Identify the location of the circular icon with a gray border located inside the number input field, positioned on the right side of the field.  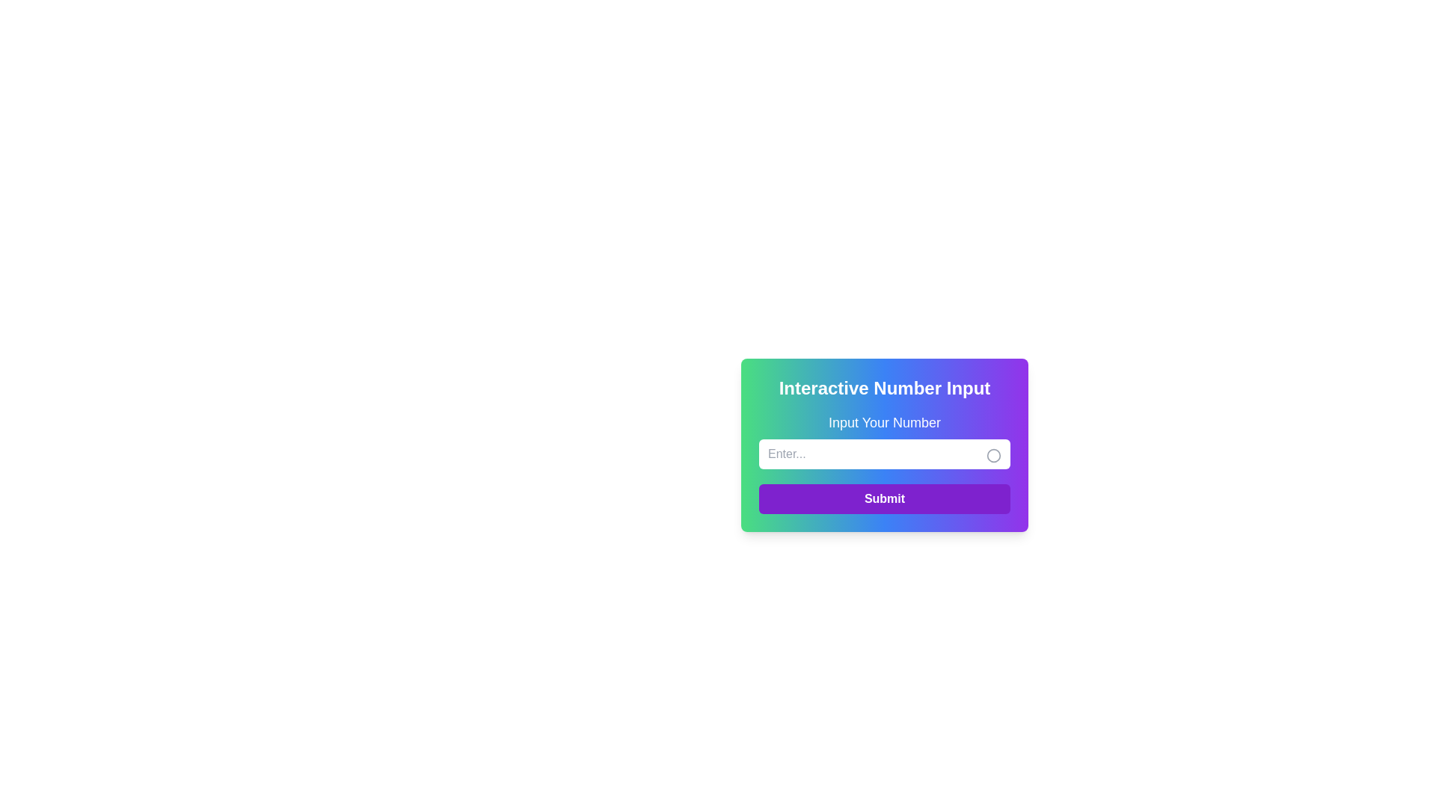
(994, 454).